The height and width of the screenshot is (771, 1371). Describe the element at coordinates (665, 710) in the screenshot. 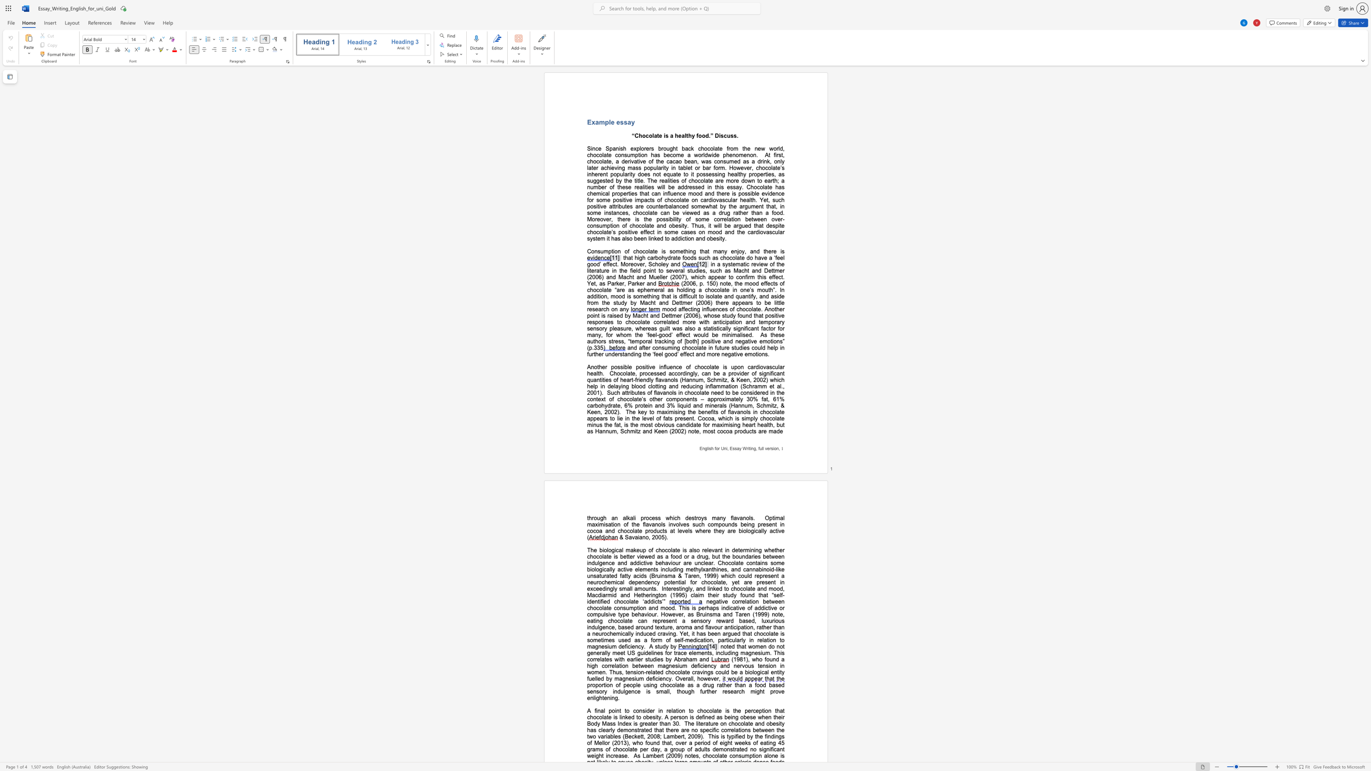

I see `the subset text "re" within the text "to consider in relation to chocolate is the"` at that location.